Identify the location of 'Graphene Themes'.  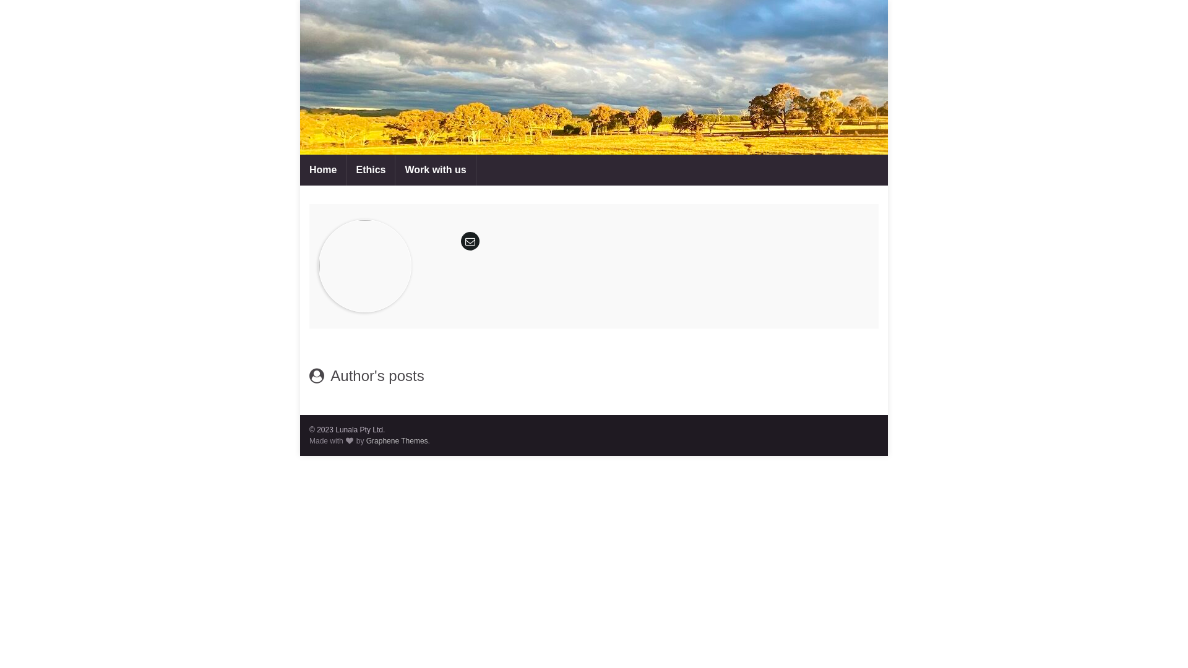
(397, 440).